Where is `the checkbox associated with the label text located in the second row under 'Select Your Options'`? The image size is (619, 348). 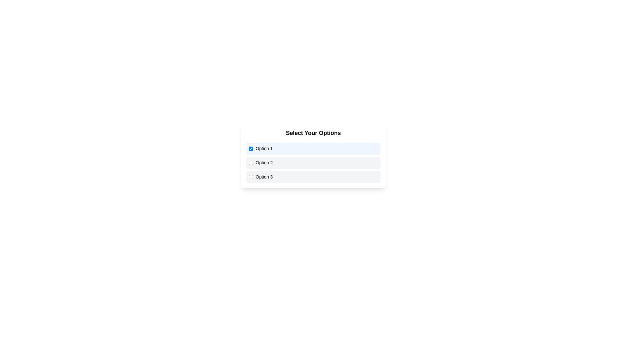 the checkbox associated with the label text located in the second row under 'Select Your Options' is located at coordinates (264, 162).